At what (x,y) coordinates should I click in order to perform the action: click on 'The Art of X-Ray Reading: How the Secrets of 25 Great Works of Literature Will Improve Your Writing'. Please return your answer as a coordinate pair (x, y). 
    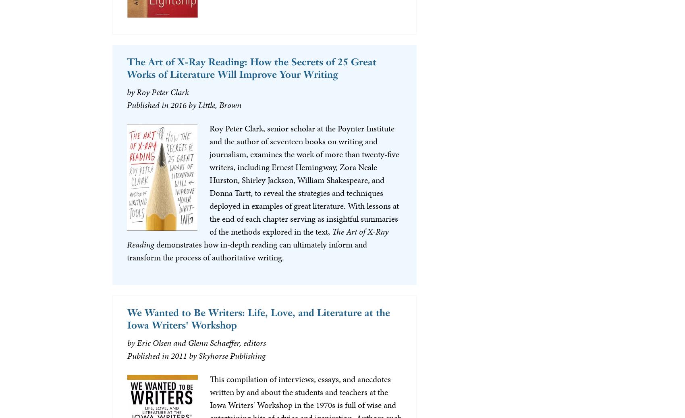
    Looking at the image, I should click on (251, 67).